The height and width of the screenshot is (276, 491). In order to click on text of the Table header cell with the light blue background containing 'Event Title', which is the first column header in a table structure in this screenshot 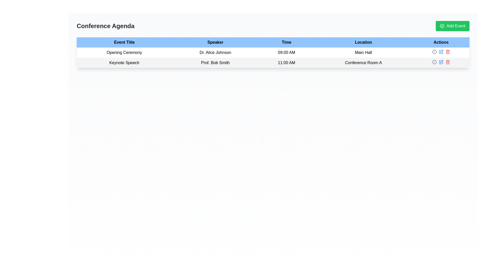, I will do `click(124, 42)`.